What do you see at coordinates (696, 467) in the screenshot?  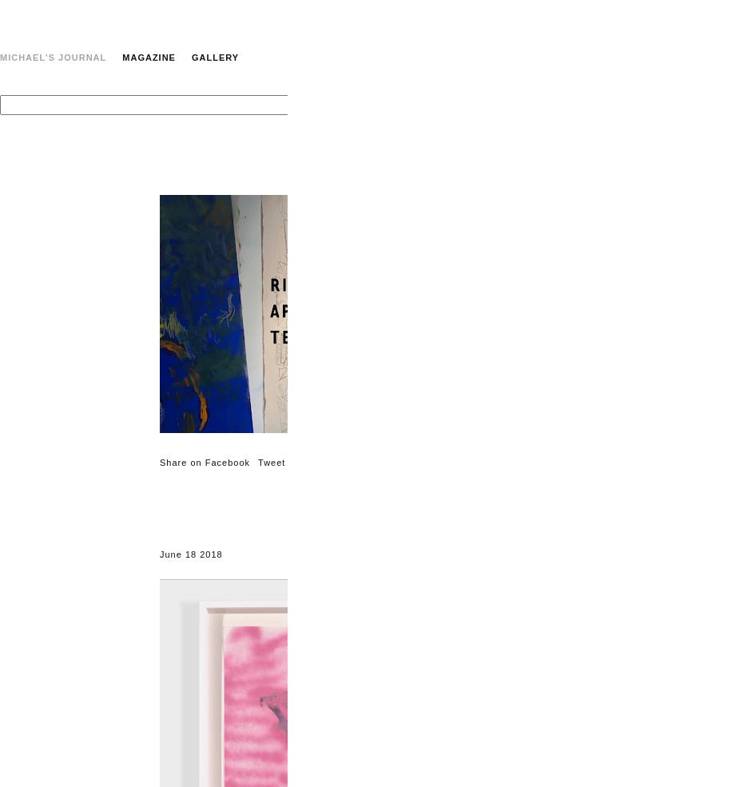 I see `'Subscribe'` at bounding box center [696, 467].